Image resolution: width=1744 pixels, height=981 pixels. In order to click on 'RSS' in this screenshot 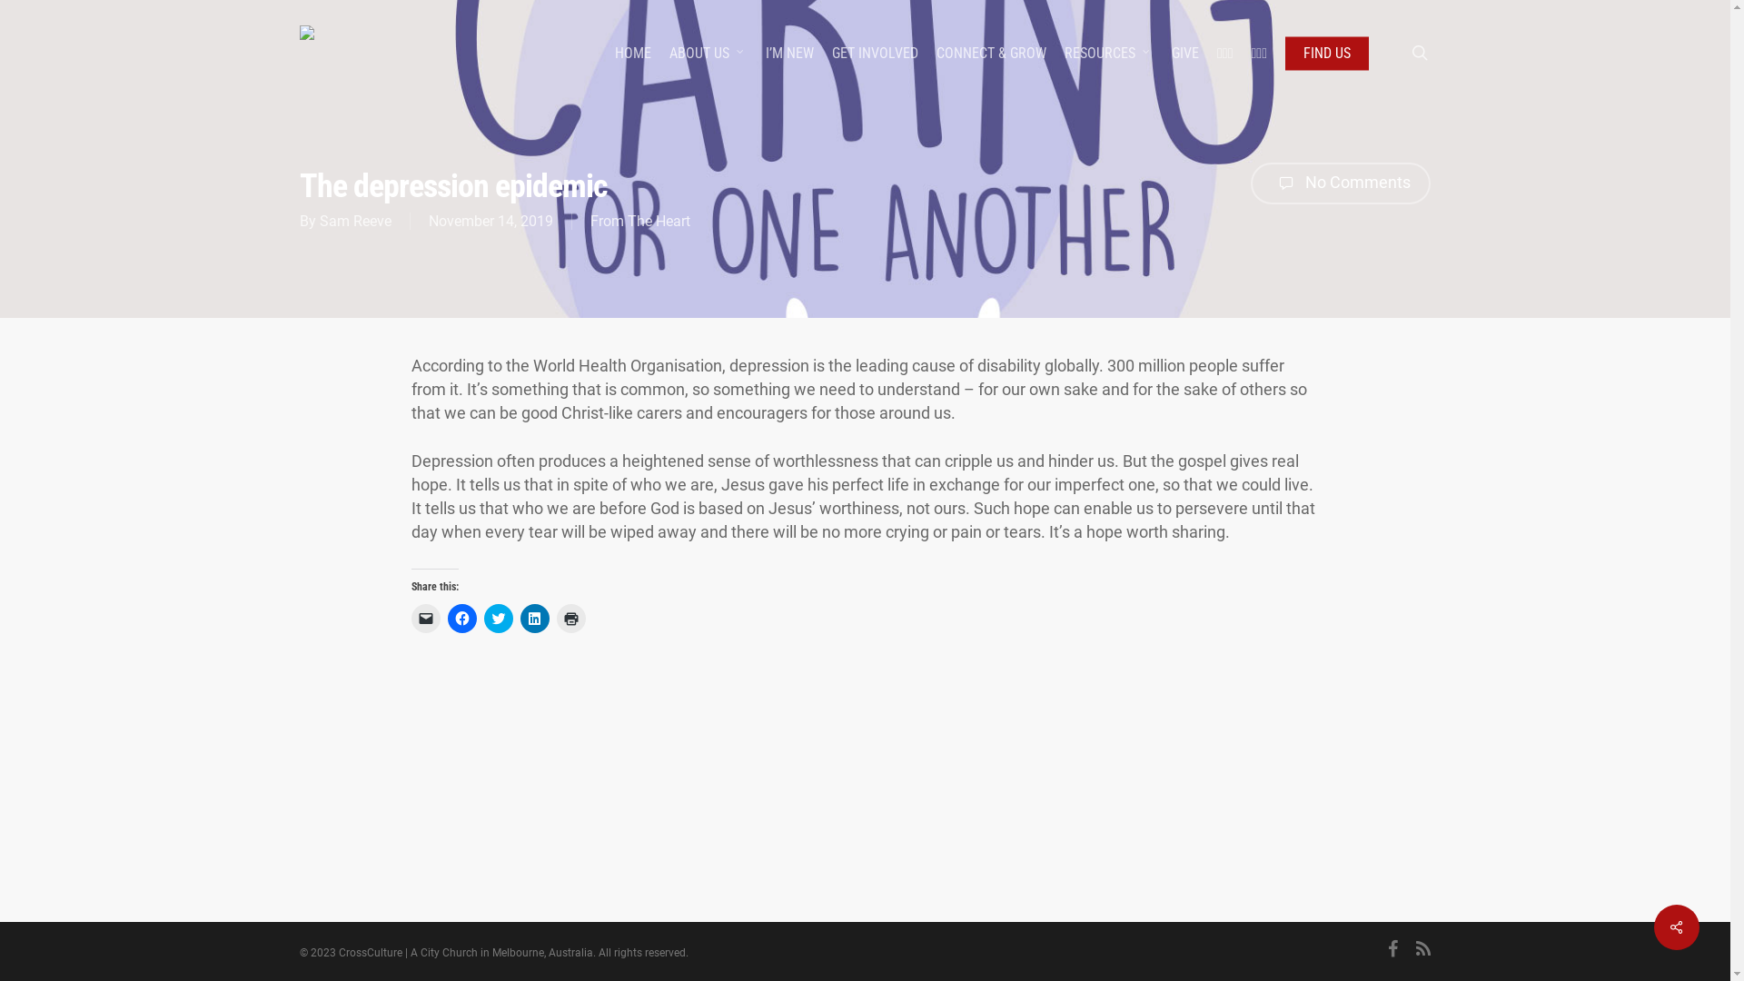, I will do `click(1422, 949)`.